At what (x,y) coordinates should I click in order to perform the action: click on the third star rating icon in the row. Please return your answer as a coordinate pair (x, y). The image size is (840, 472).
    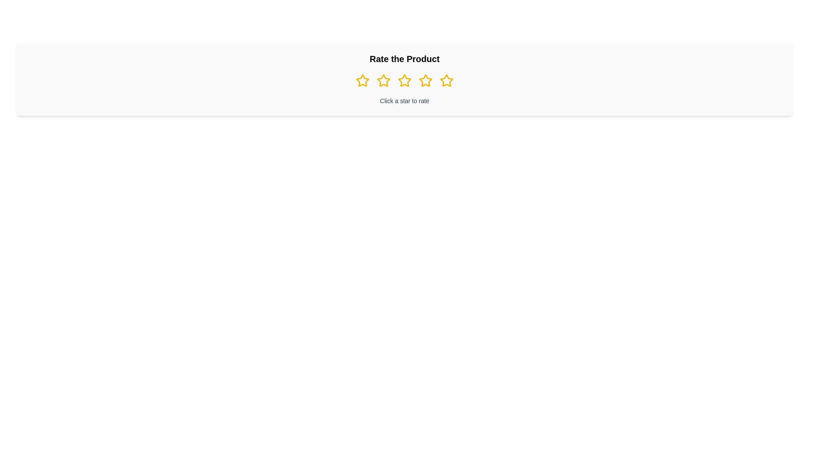
    Looking at the image, I should click on (404, 80).